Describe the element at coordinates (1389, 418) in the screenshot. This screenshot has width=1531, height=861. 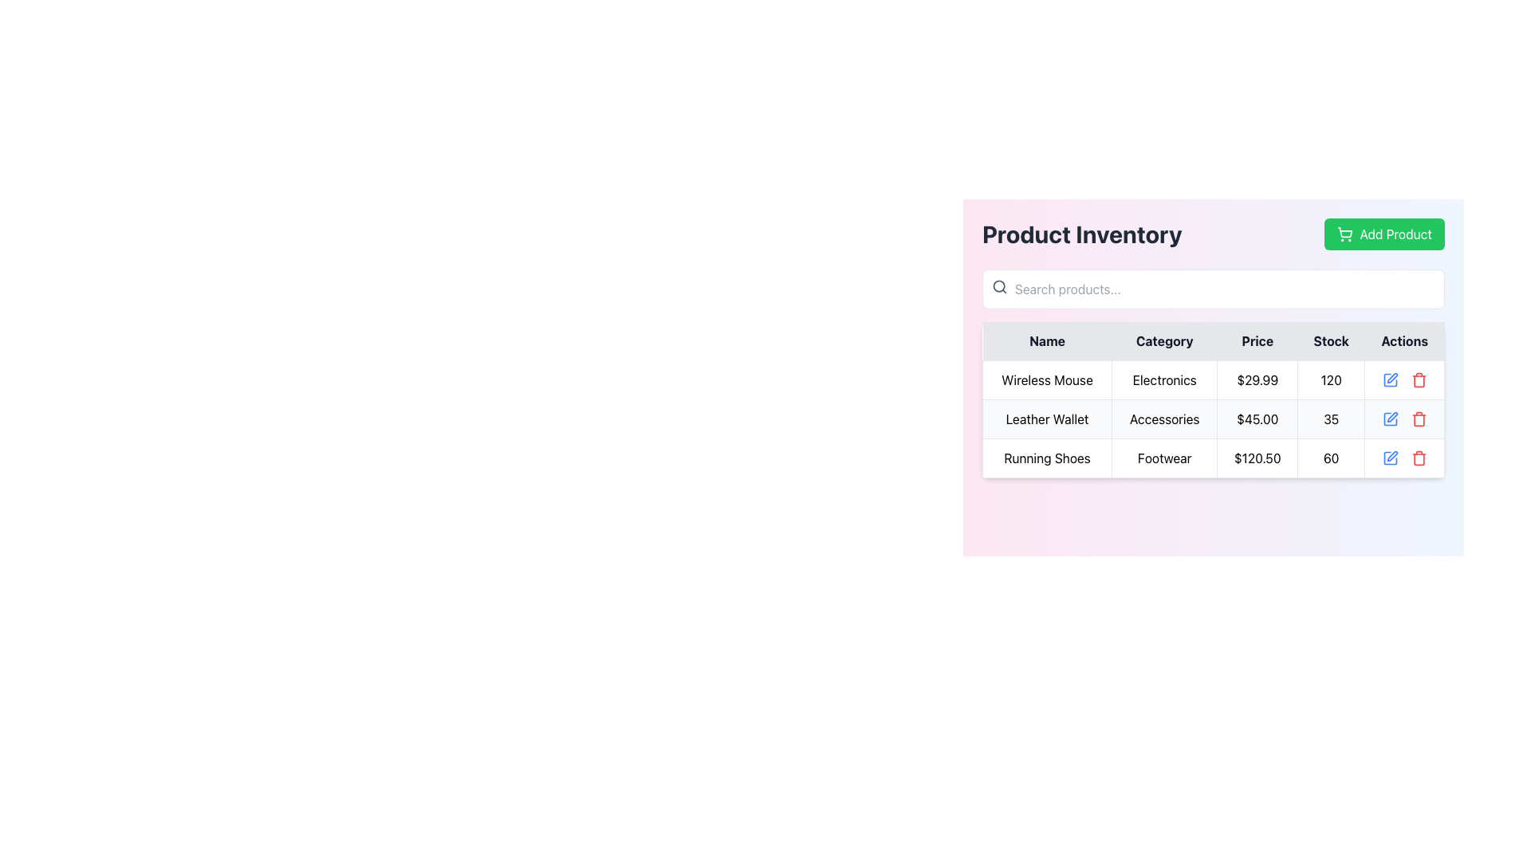
I see `the edit button in the 'Actions' column for the 'Leather Wallet' entry in the inventory table` at that location.